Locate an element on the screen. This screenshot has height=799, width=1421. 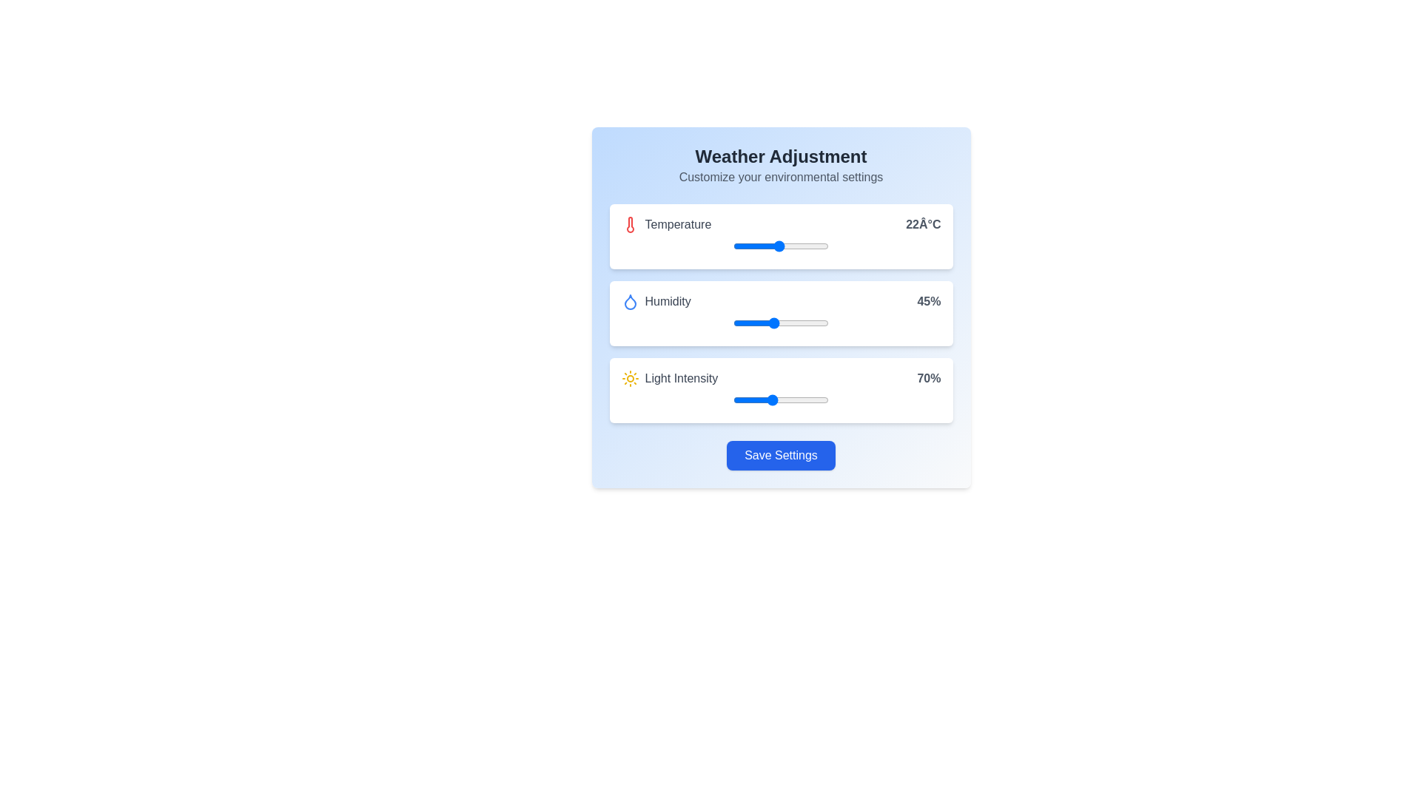
the text label that says 'Customize your environmental settings', which is centrally aligned and positioned below the 'Weather Adjustment' title is located at coordinates (780, 176).